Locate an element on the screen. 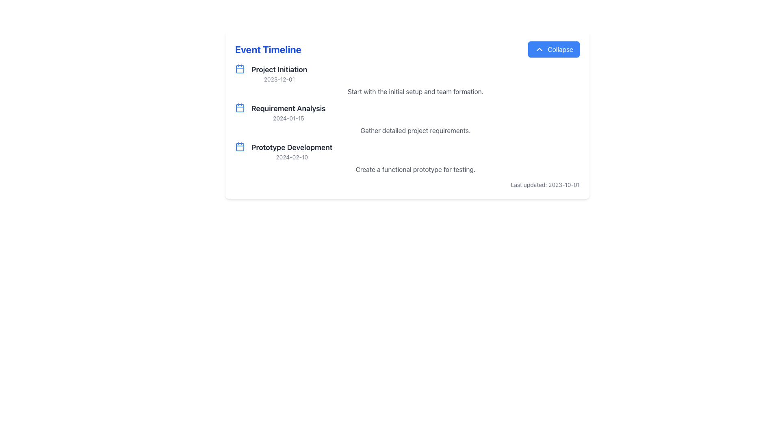  the 'Requirement Analysis' timeline item is located at coordinates (407, 119).